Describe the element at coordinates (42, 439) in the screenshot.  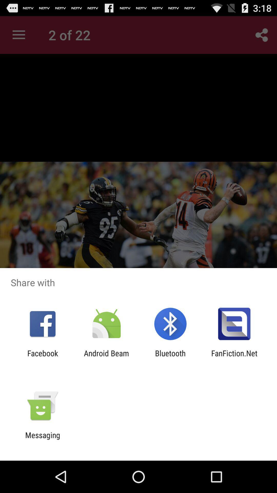
I see `messaging app` at that location.